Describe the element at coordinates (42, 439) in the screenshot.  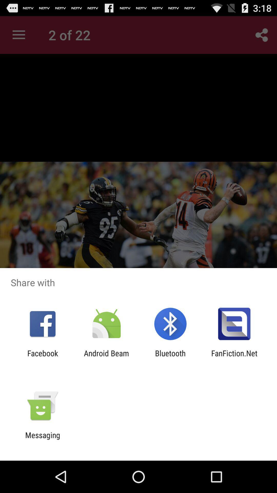
I see `messaging app` at that location.